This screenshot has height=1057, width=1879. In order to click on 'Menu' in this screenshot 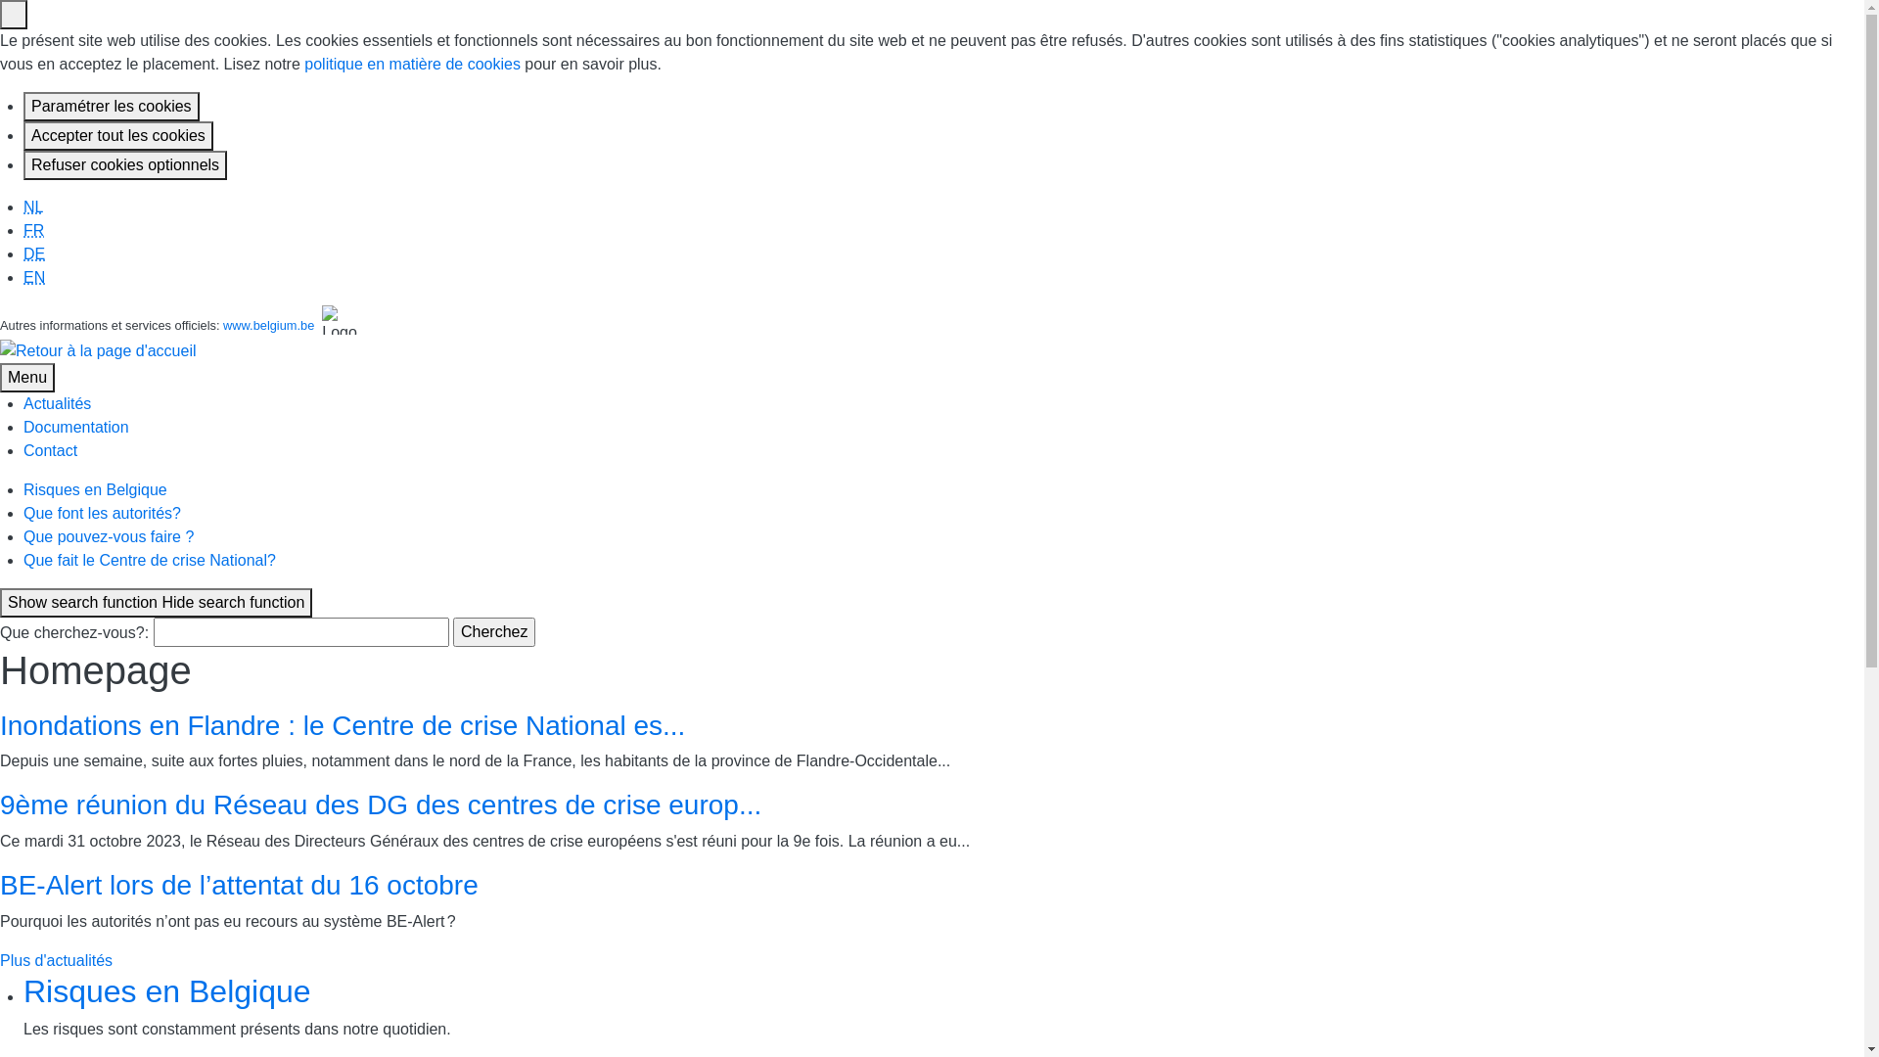, I will do `click(27, 377)`.